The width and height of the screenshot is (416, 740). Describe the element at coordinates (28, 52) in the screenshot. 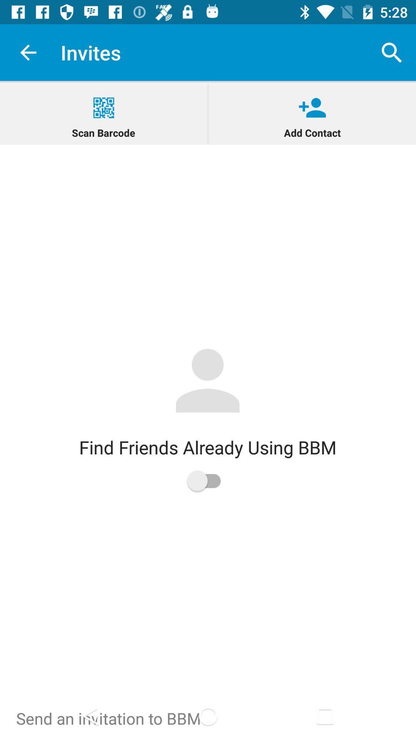

I see `app to the left of invites app` at that location.